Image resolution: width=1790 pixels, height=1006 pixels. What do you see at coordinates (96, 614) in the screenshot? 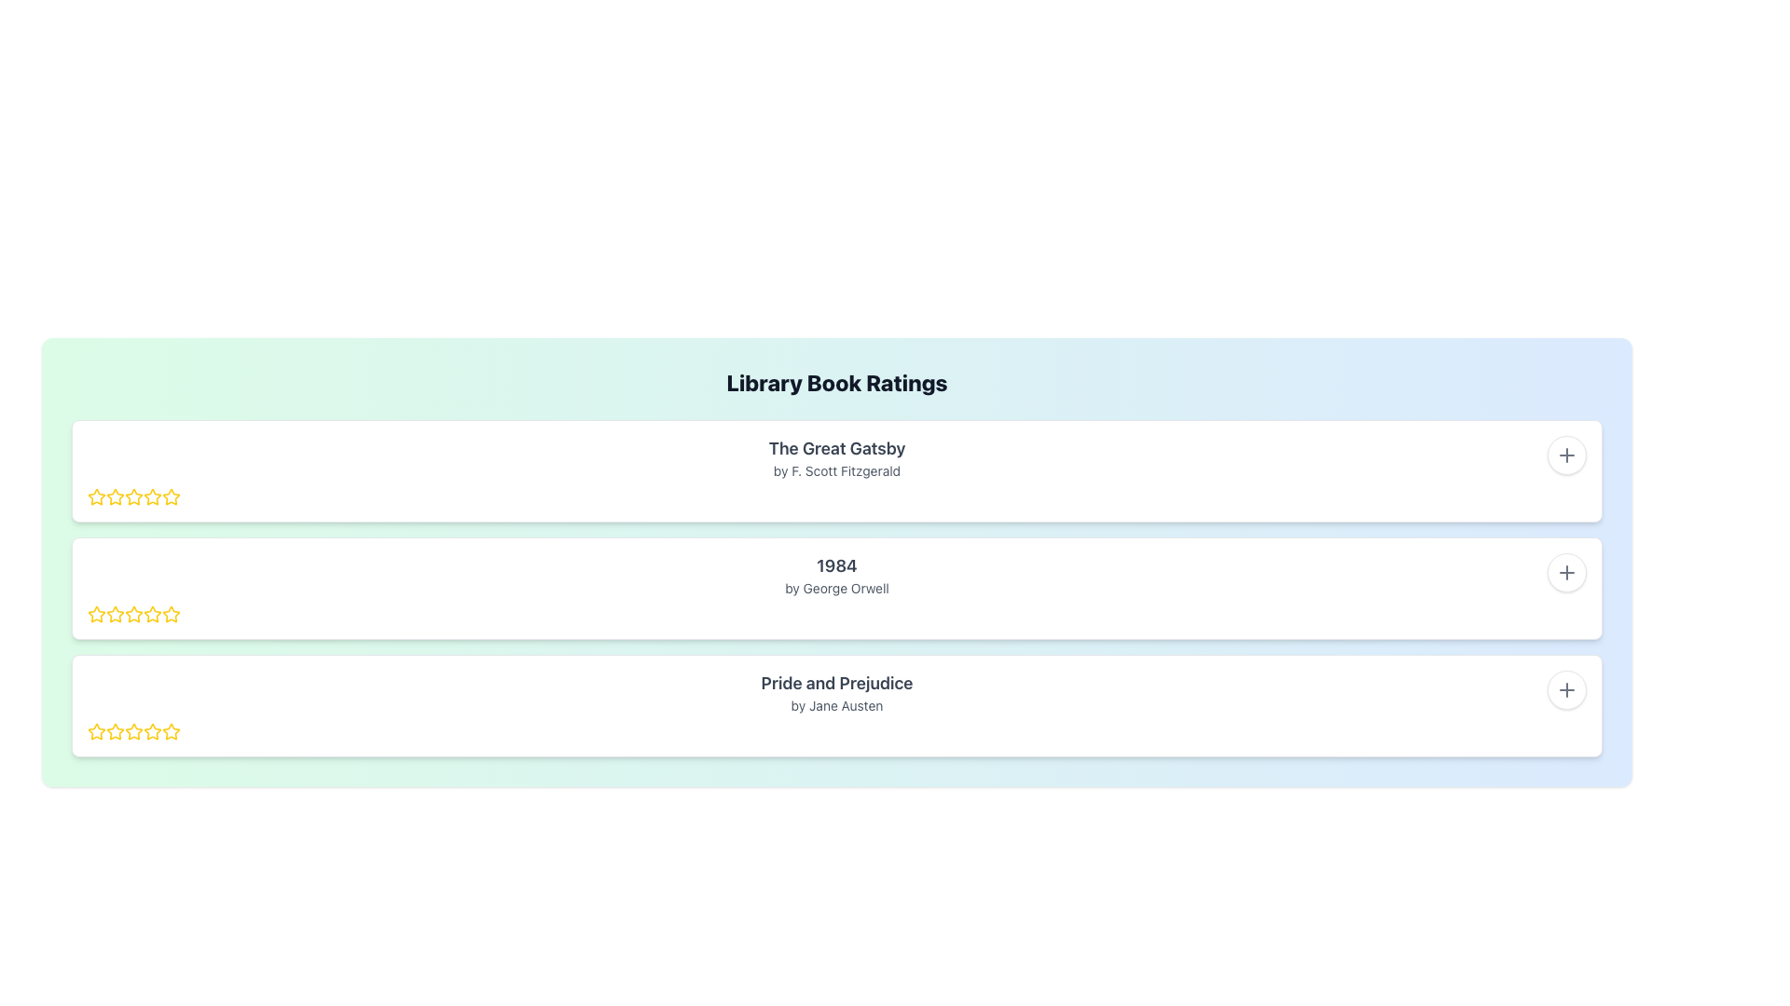
I see `the first yellow star icon for rating associated with the book '1984' by George Orwell located in the second row of the list` at bounding box center [96, 614].